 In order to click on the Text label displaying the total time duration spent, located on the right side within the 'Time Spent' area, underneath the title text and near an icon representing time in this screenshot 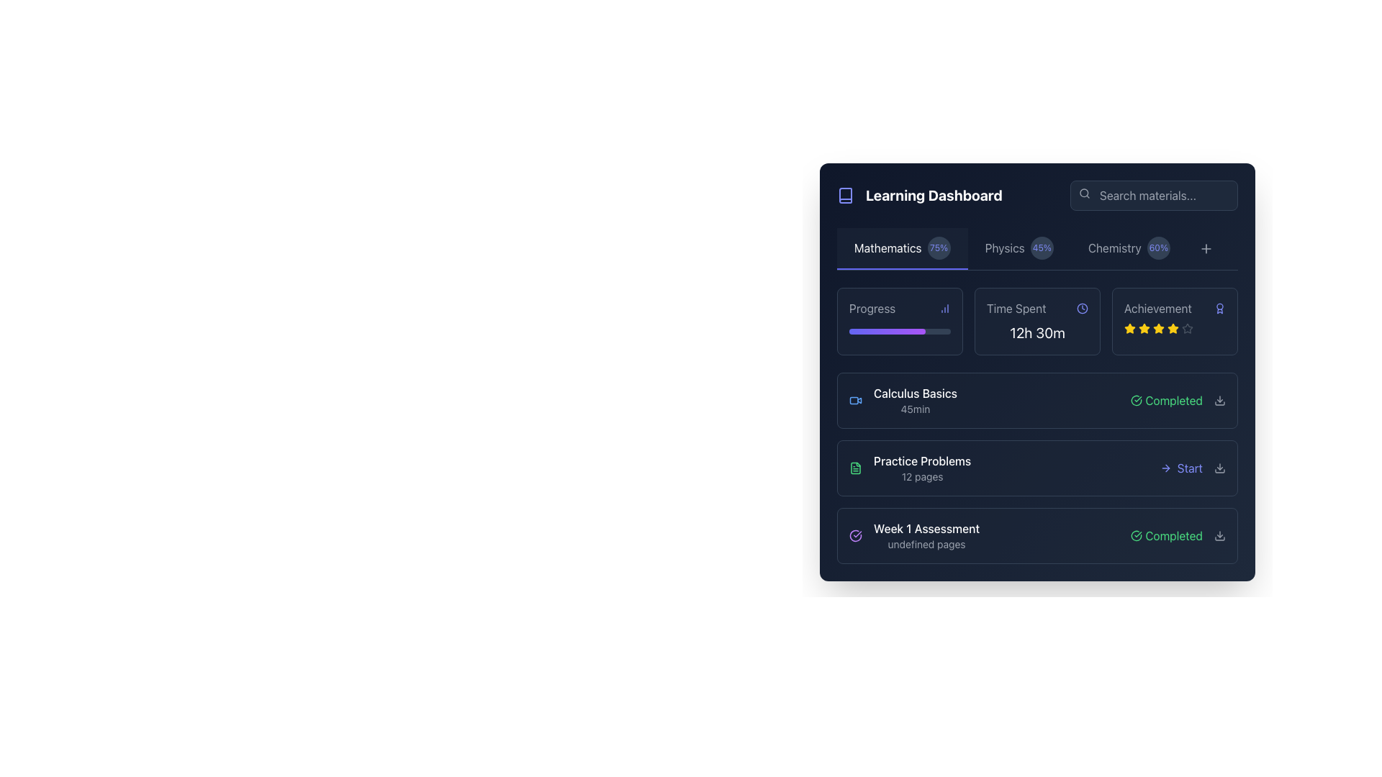, I will do `click(1037, 332)`.